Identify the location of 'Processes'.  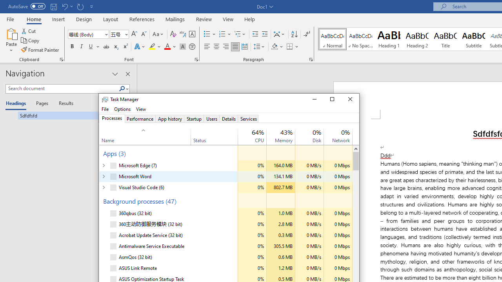
(111, 119).